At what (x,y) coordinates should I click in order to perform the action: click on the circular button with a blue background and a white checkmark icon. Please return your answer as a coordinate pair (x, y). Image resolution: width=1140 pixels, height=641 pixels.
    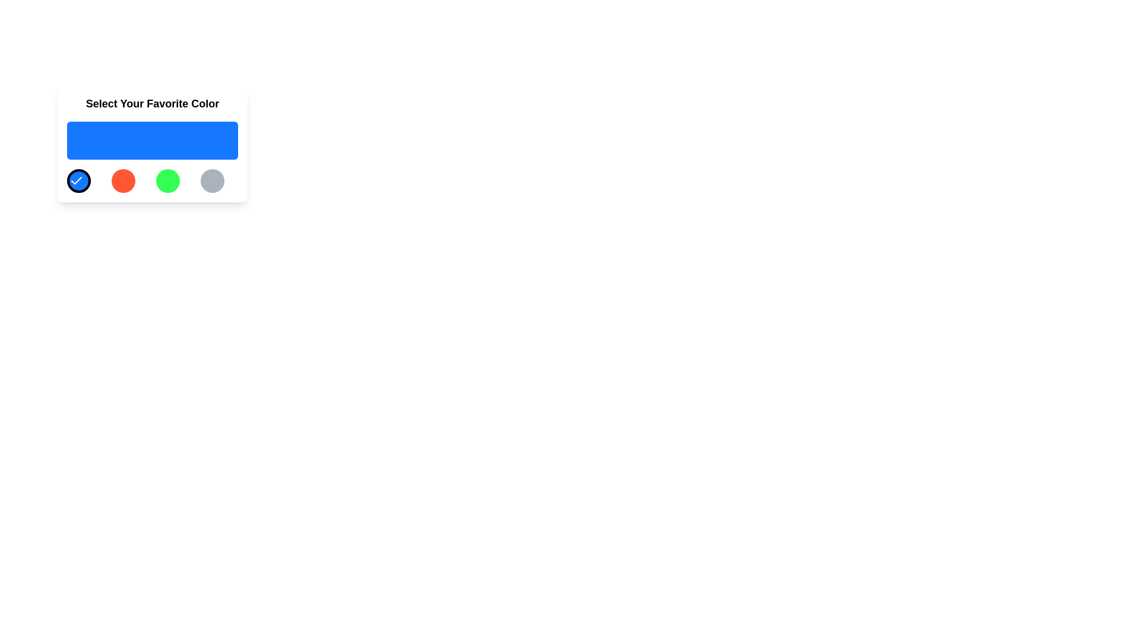
    Looking at the image, I should click on (78, 180).